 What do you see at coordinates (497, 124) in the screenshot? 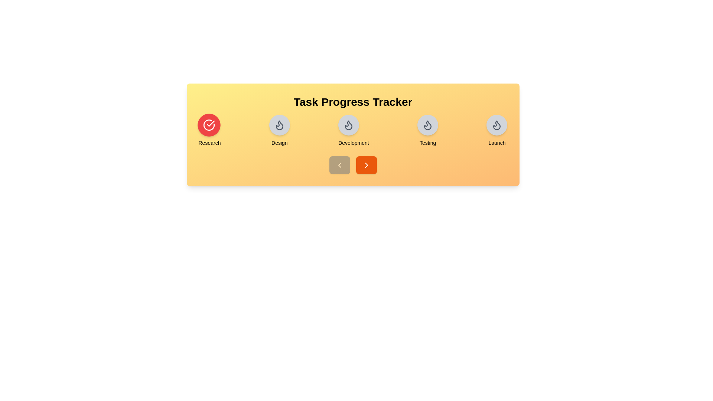
I see `the flame icon located under the 'Launch' label, which is the rightmost icon in a row of circular icons` at bounding box center [497, 124].